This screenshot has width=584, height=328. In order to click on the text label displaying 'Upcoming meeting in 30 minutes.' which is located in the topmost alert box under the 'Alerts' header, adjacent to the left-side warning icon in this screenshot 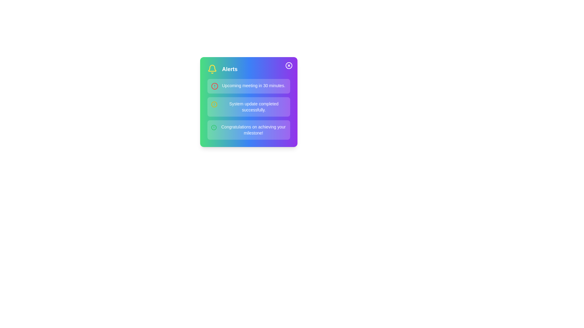, I will do `click(253, 85)`.